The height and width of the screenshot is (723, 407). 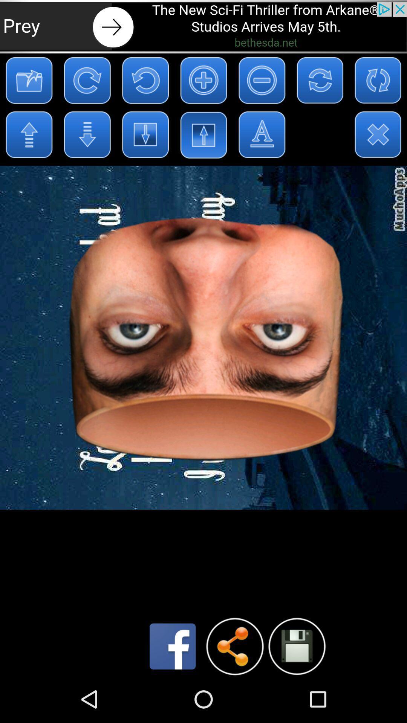 What do you see at coordinates (296, 691) in the screenshot?
I see `the save icon` at bounding box center [296, 691].